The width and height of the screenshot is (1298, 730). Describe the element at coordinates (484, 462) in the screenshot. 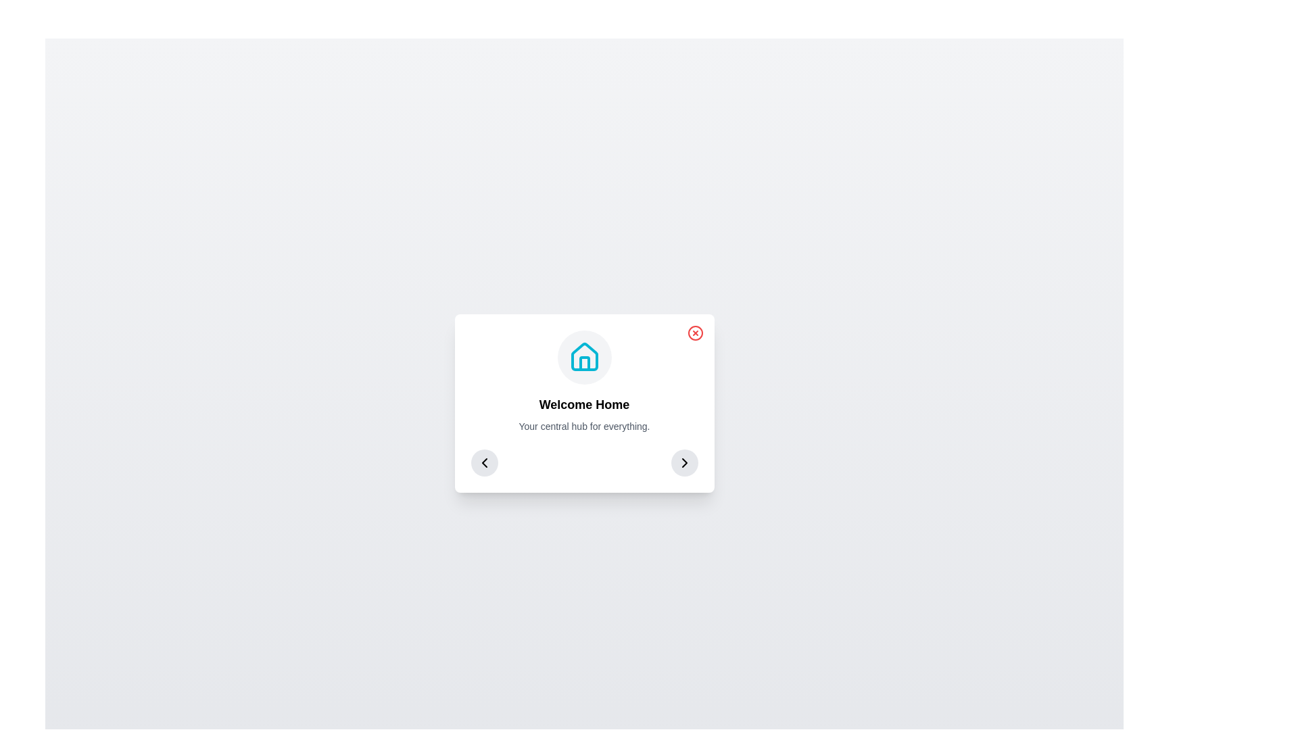

I see `the left navigation icon located in the bottom-left corner of the card interface` at that location.